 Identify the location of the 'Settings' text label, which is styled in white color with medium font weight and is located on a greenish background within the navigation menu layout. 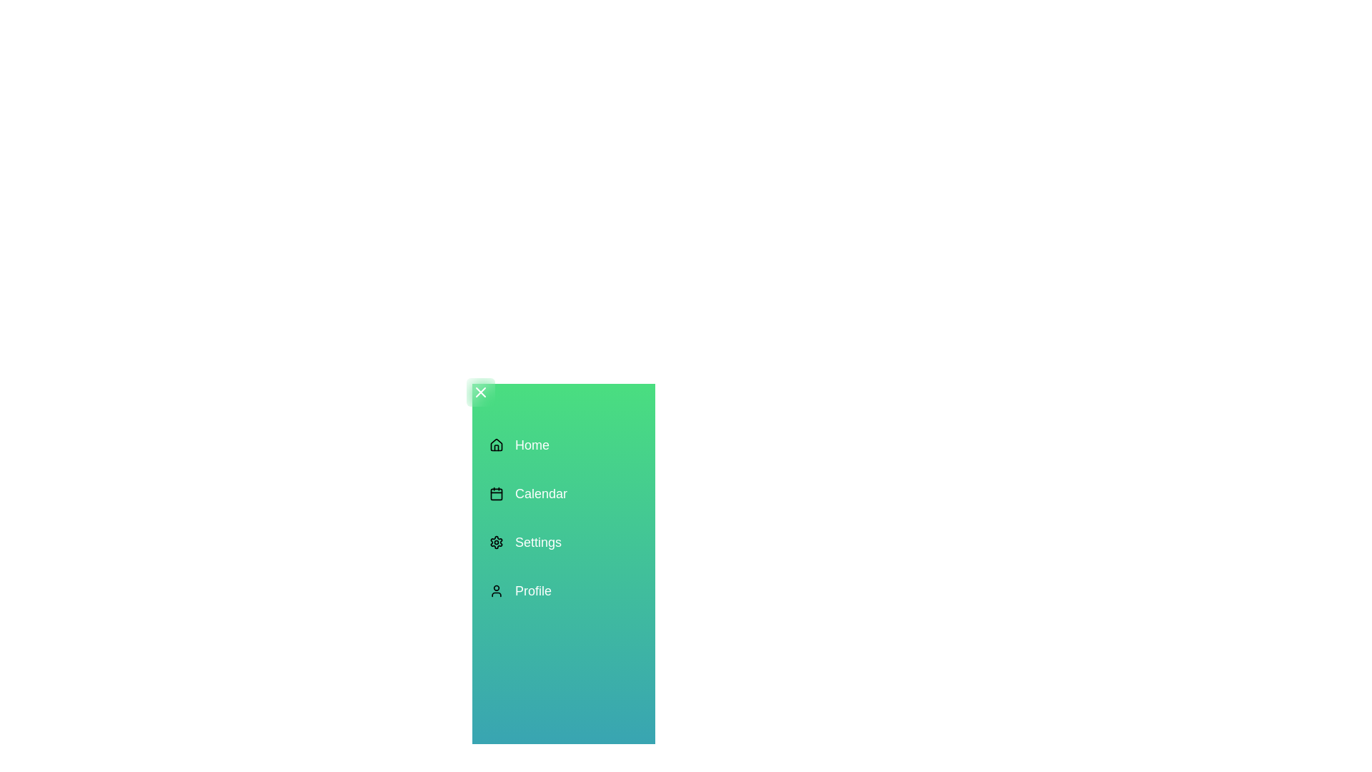
(537, 543).